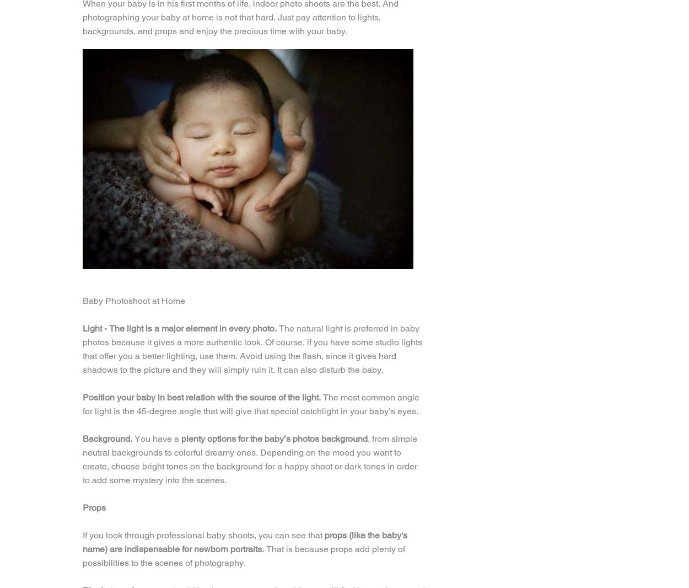  I want to click on 'props (like the baby's name) are indispensable for newborn portraits.', so click(244, 542).